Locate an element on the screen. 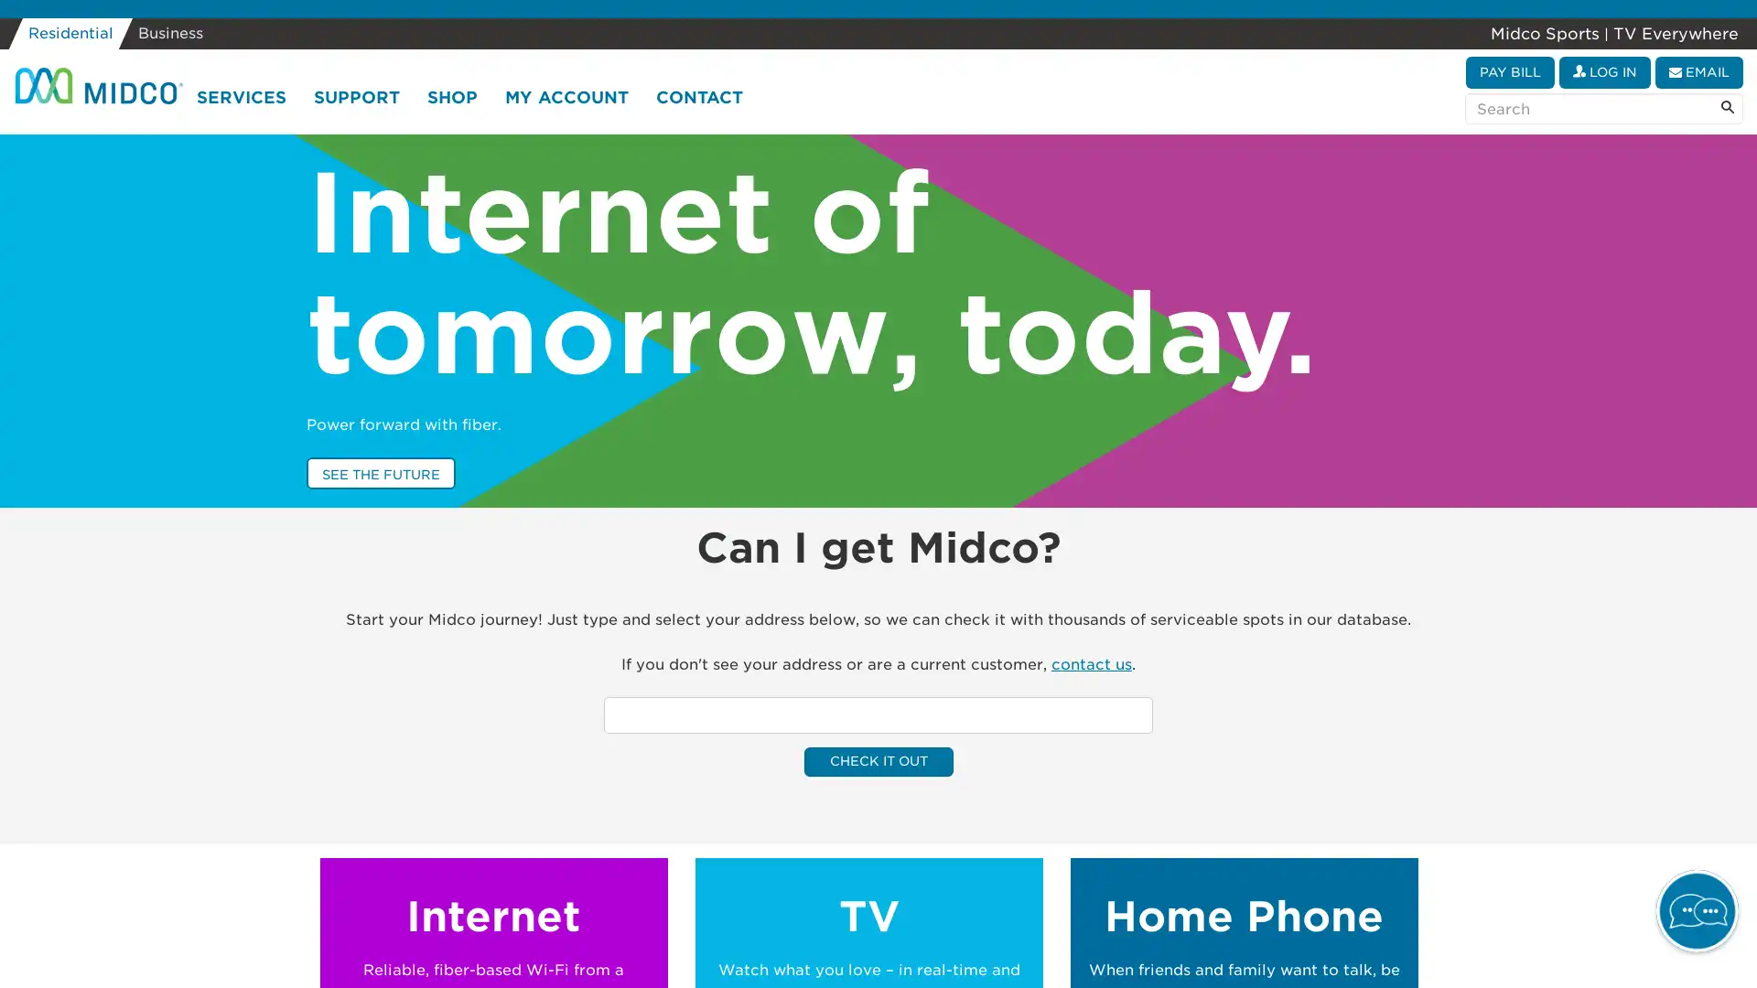 This screenshot has height=988, width=1757. Search is located at coordinates (1726, 108).